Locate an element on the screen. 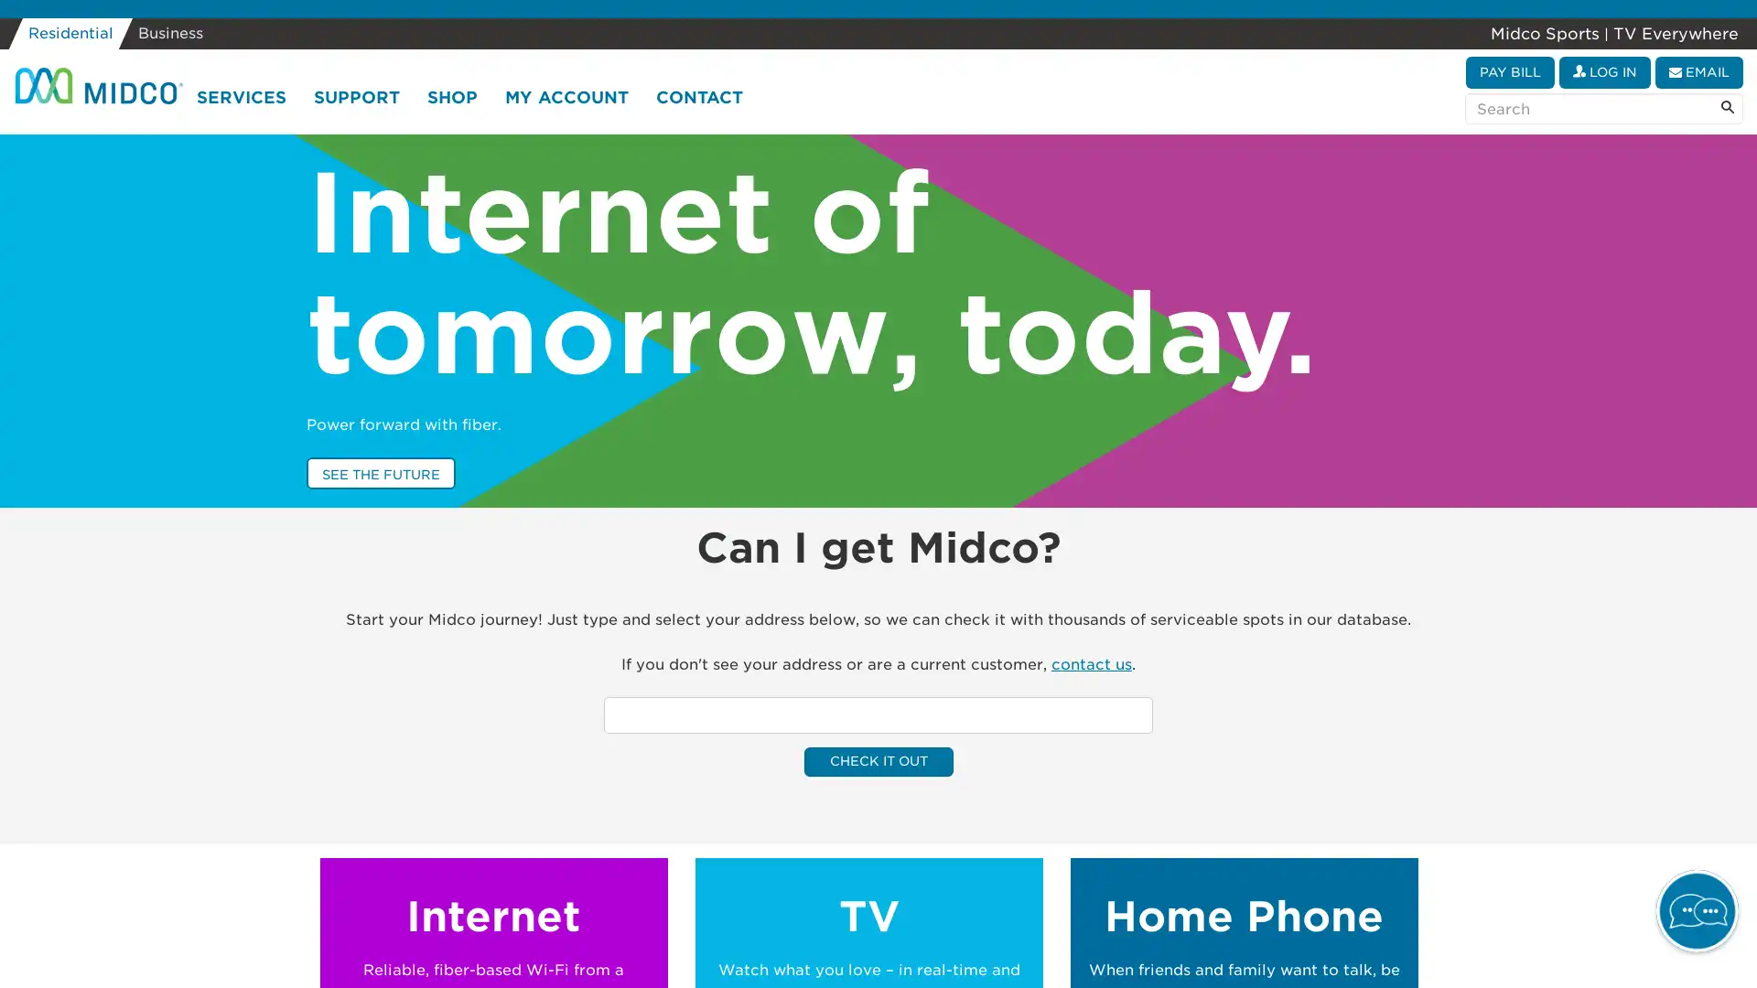 This screenshot has height=988, width=1757. Search is located at coordinates (1726, 108).